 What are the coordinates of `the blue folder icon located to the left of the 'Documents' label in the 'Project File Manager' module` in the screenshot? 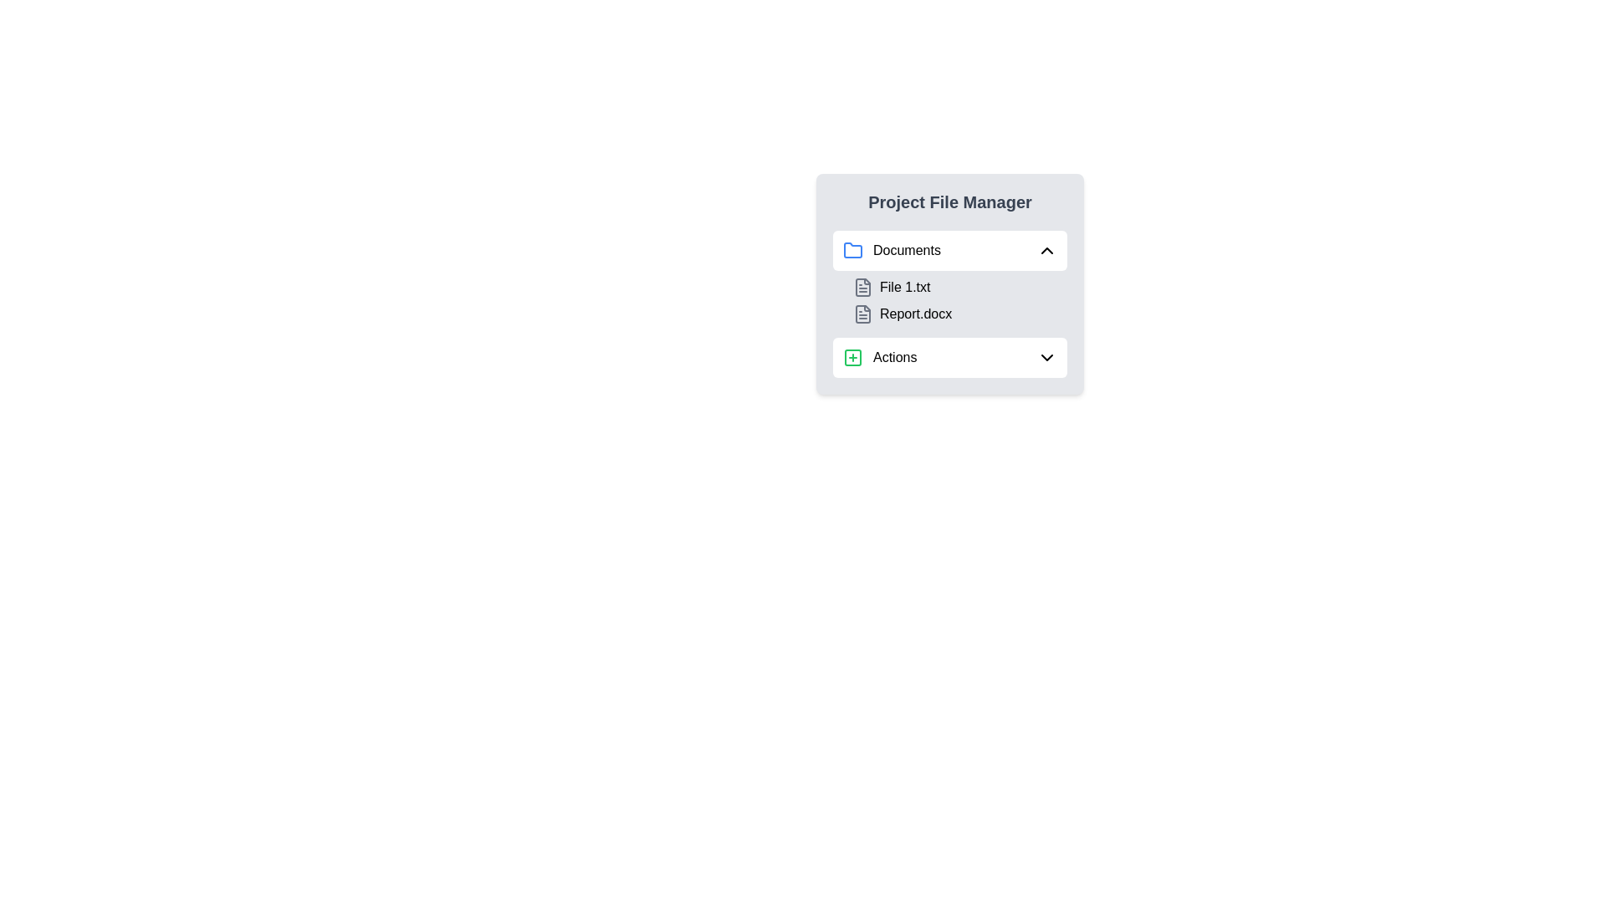 It's located at (852, 250).